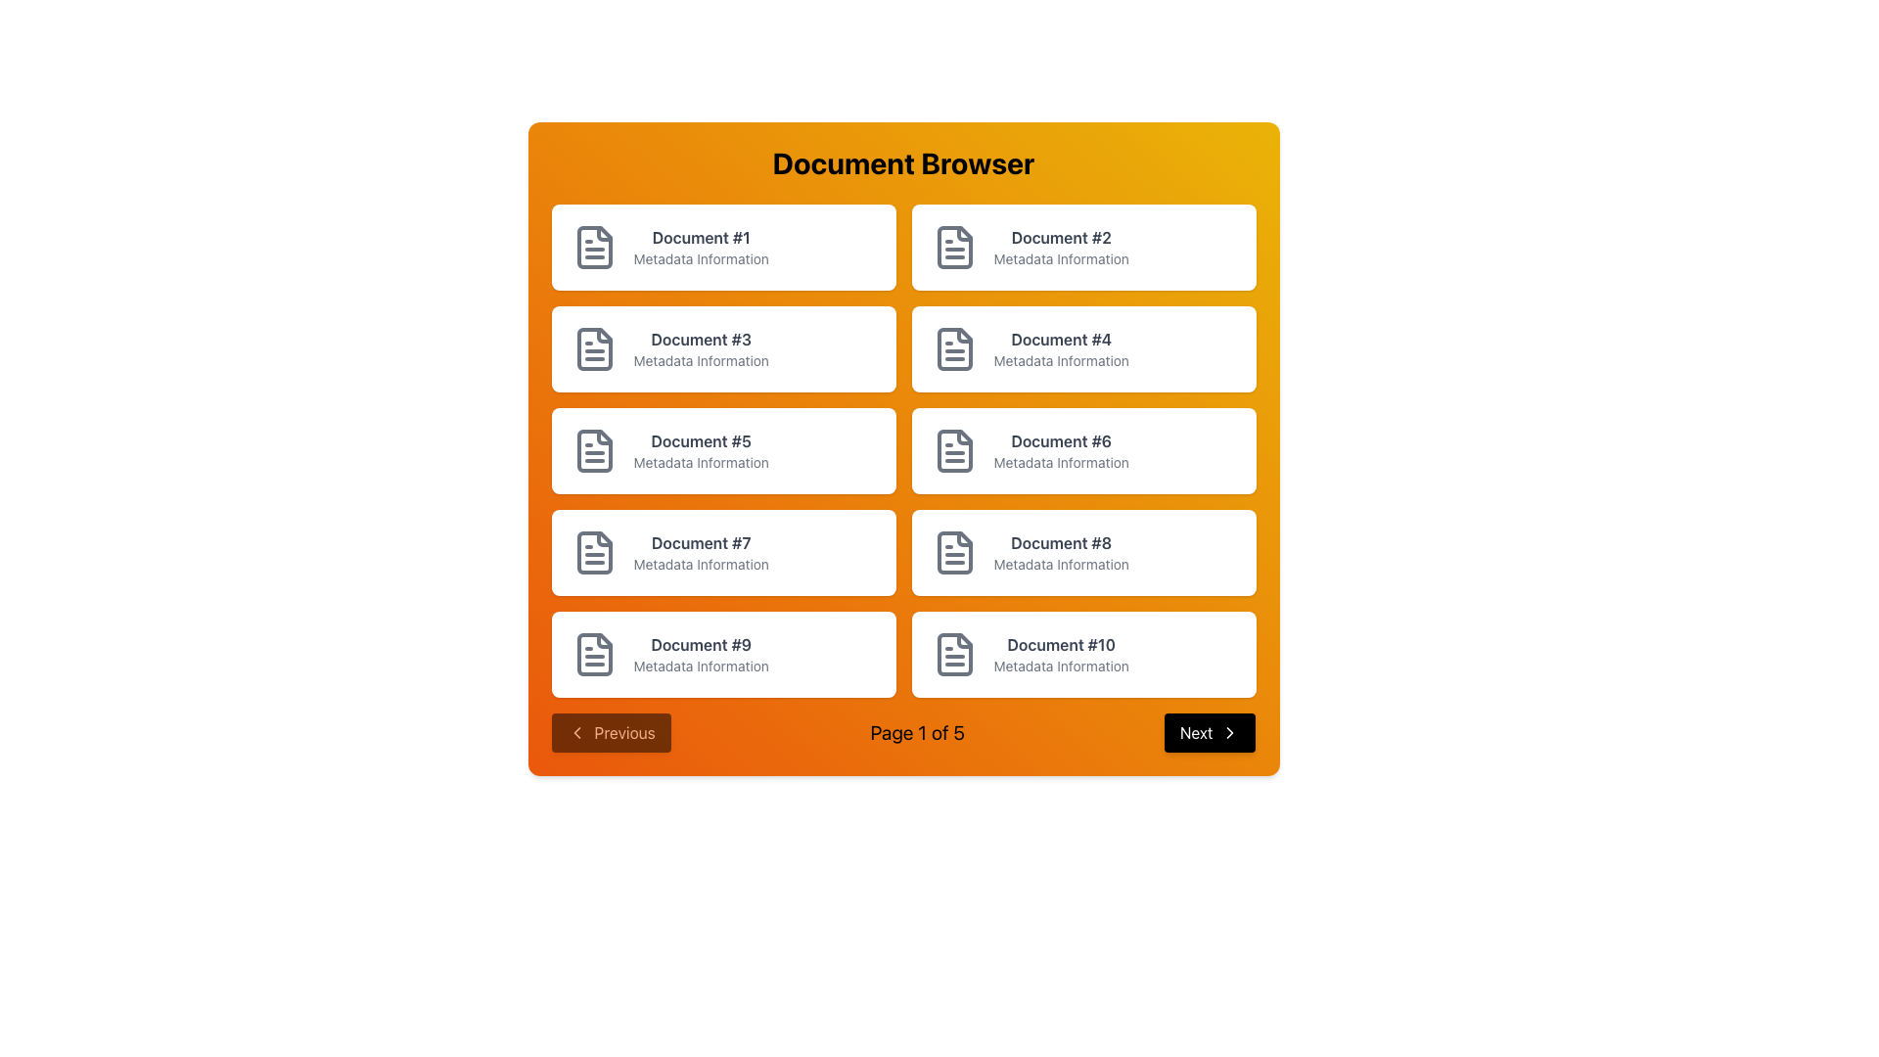  I want to click on the document icon representing 'Document #3', which is styled as an outlined file symbol with a folded corner and horizontal lines indicating text content, so click(593, 348).